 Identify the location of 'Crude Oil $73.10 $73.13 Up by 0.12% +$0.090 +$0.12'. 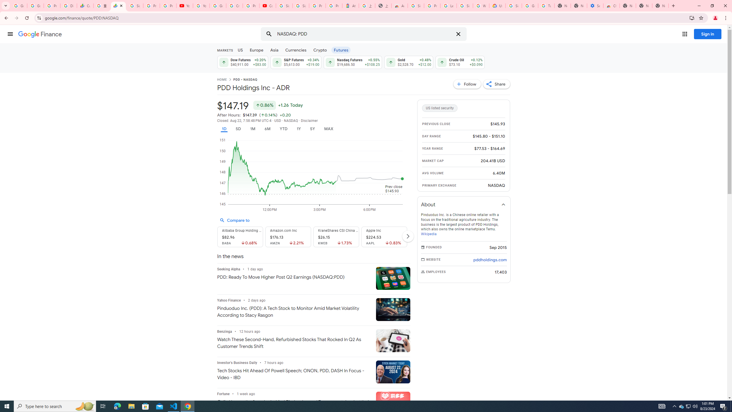
(460, 62).